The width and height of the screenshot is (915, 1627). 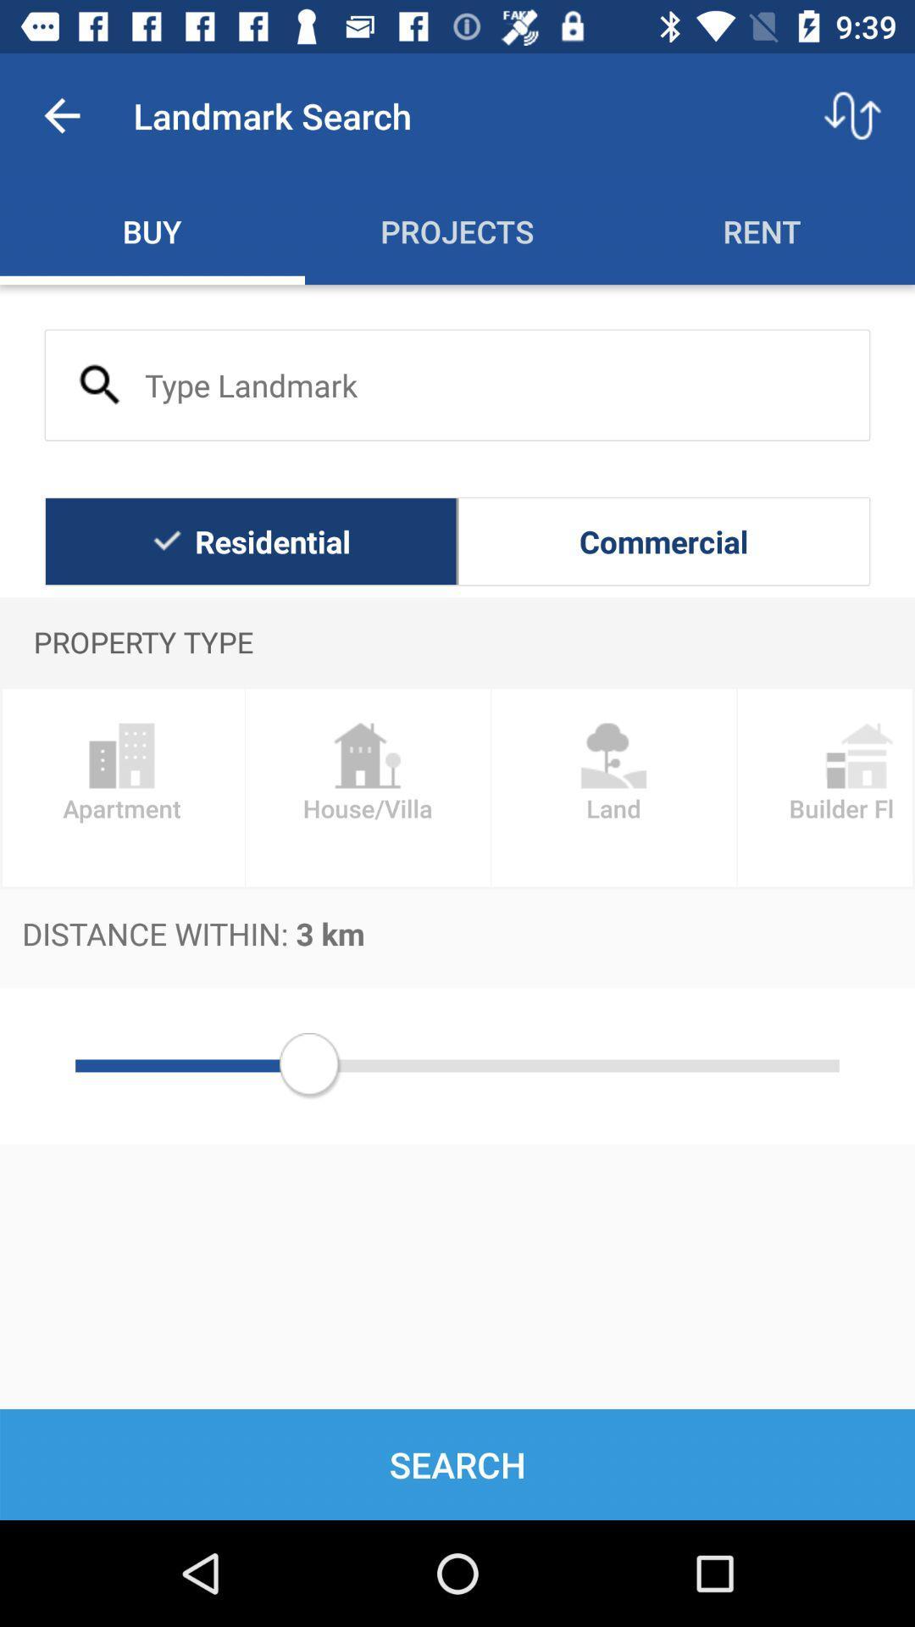 I want to click on the item above the distance within 3 item, so click(x=825, y=786).